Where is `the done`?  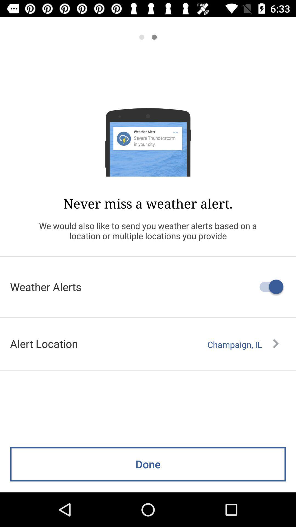
the done is located at coordinates (148, 464).